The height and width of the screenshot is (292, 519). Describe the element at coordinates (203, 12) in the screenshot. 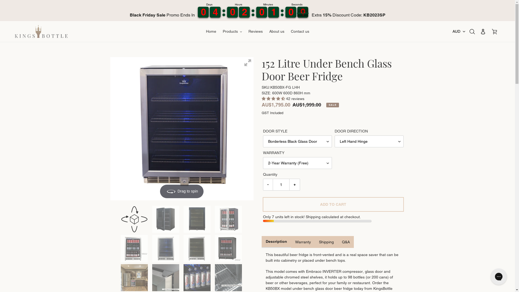

I see `'9` at that location.